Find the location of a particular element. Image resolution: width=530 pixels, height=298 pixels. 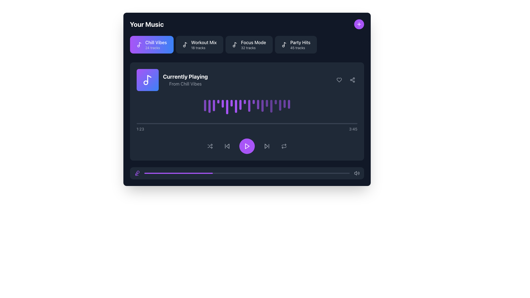

the circular element that is part of the musical note icon, located at the lower part of the note is located at coordinates (145, 83).